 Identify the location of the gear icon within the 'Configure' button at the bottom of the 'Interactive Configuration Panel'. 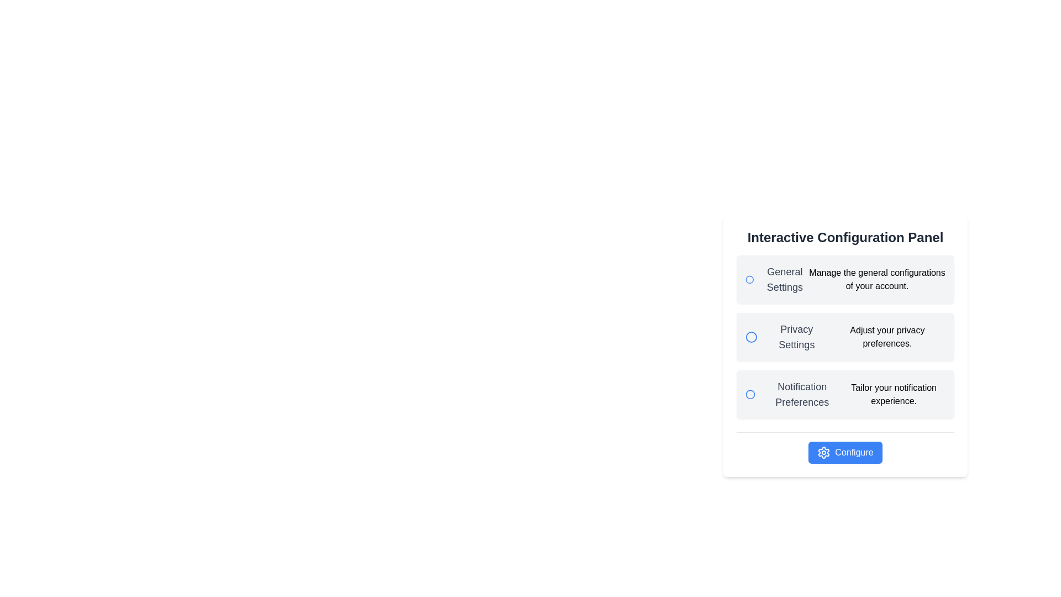
(824, 452).